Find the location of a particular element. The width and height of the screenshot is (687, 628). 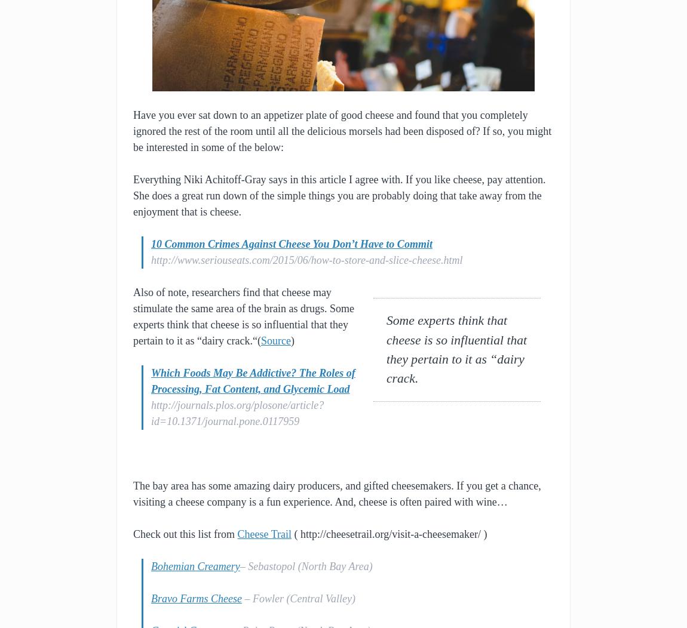

'– Fowler (Central Valley)' is located at coordinates (241, 598).